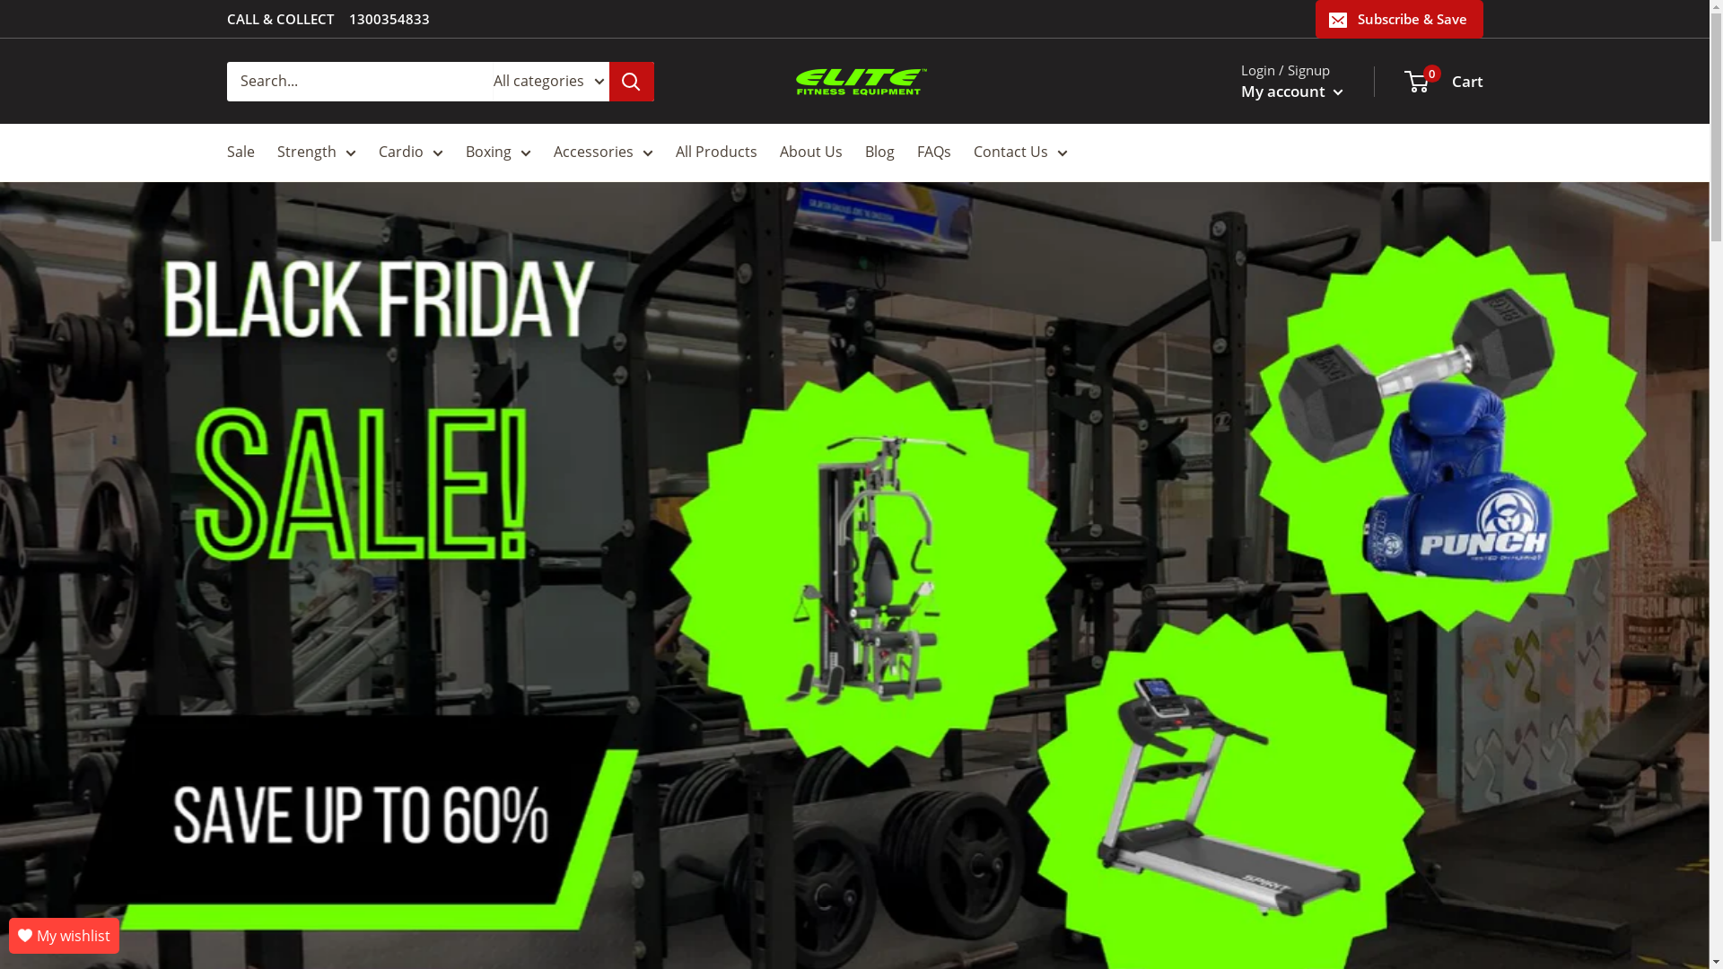 The image size is (1723, 969). I want to click on 'Contact Us', so click(972, 151).